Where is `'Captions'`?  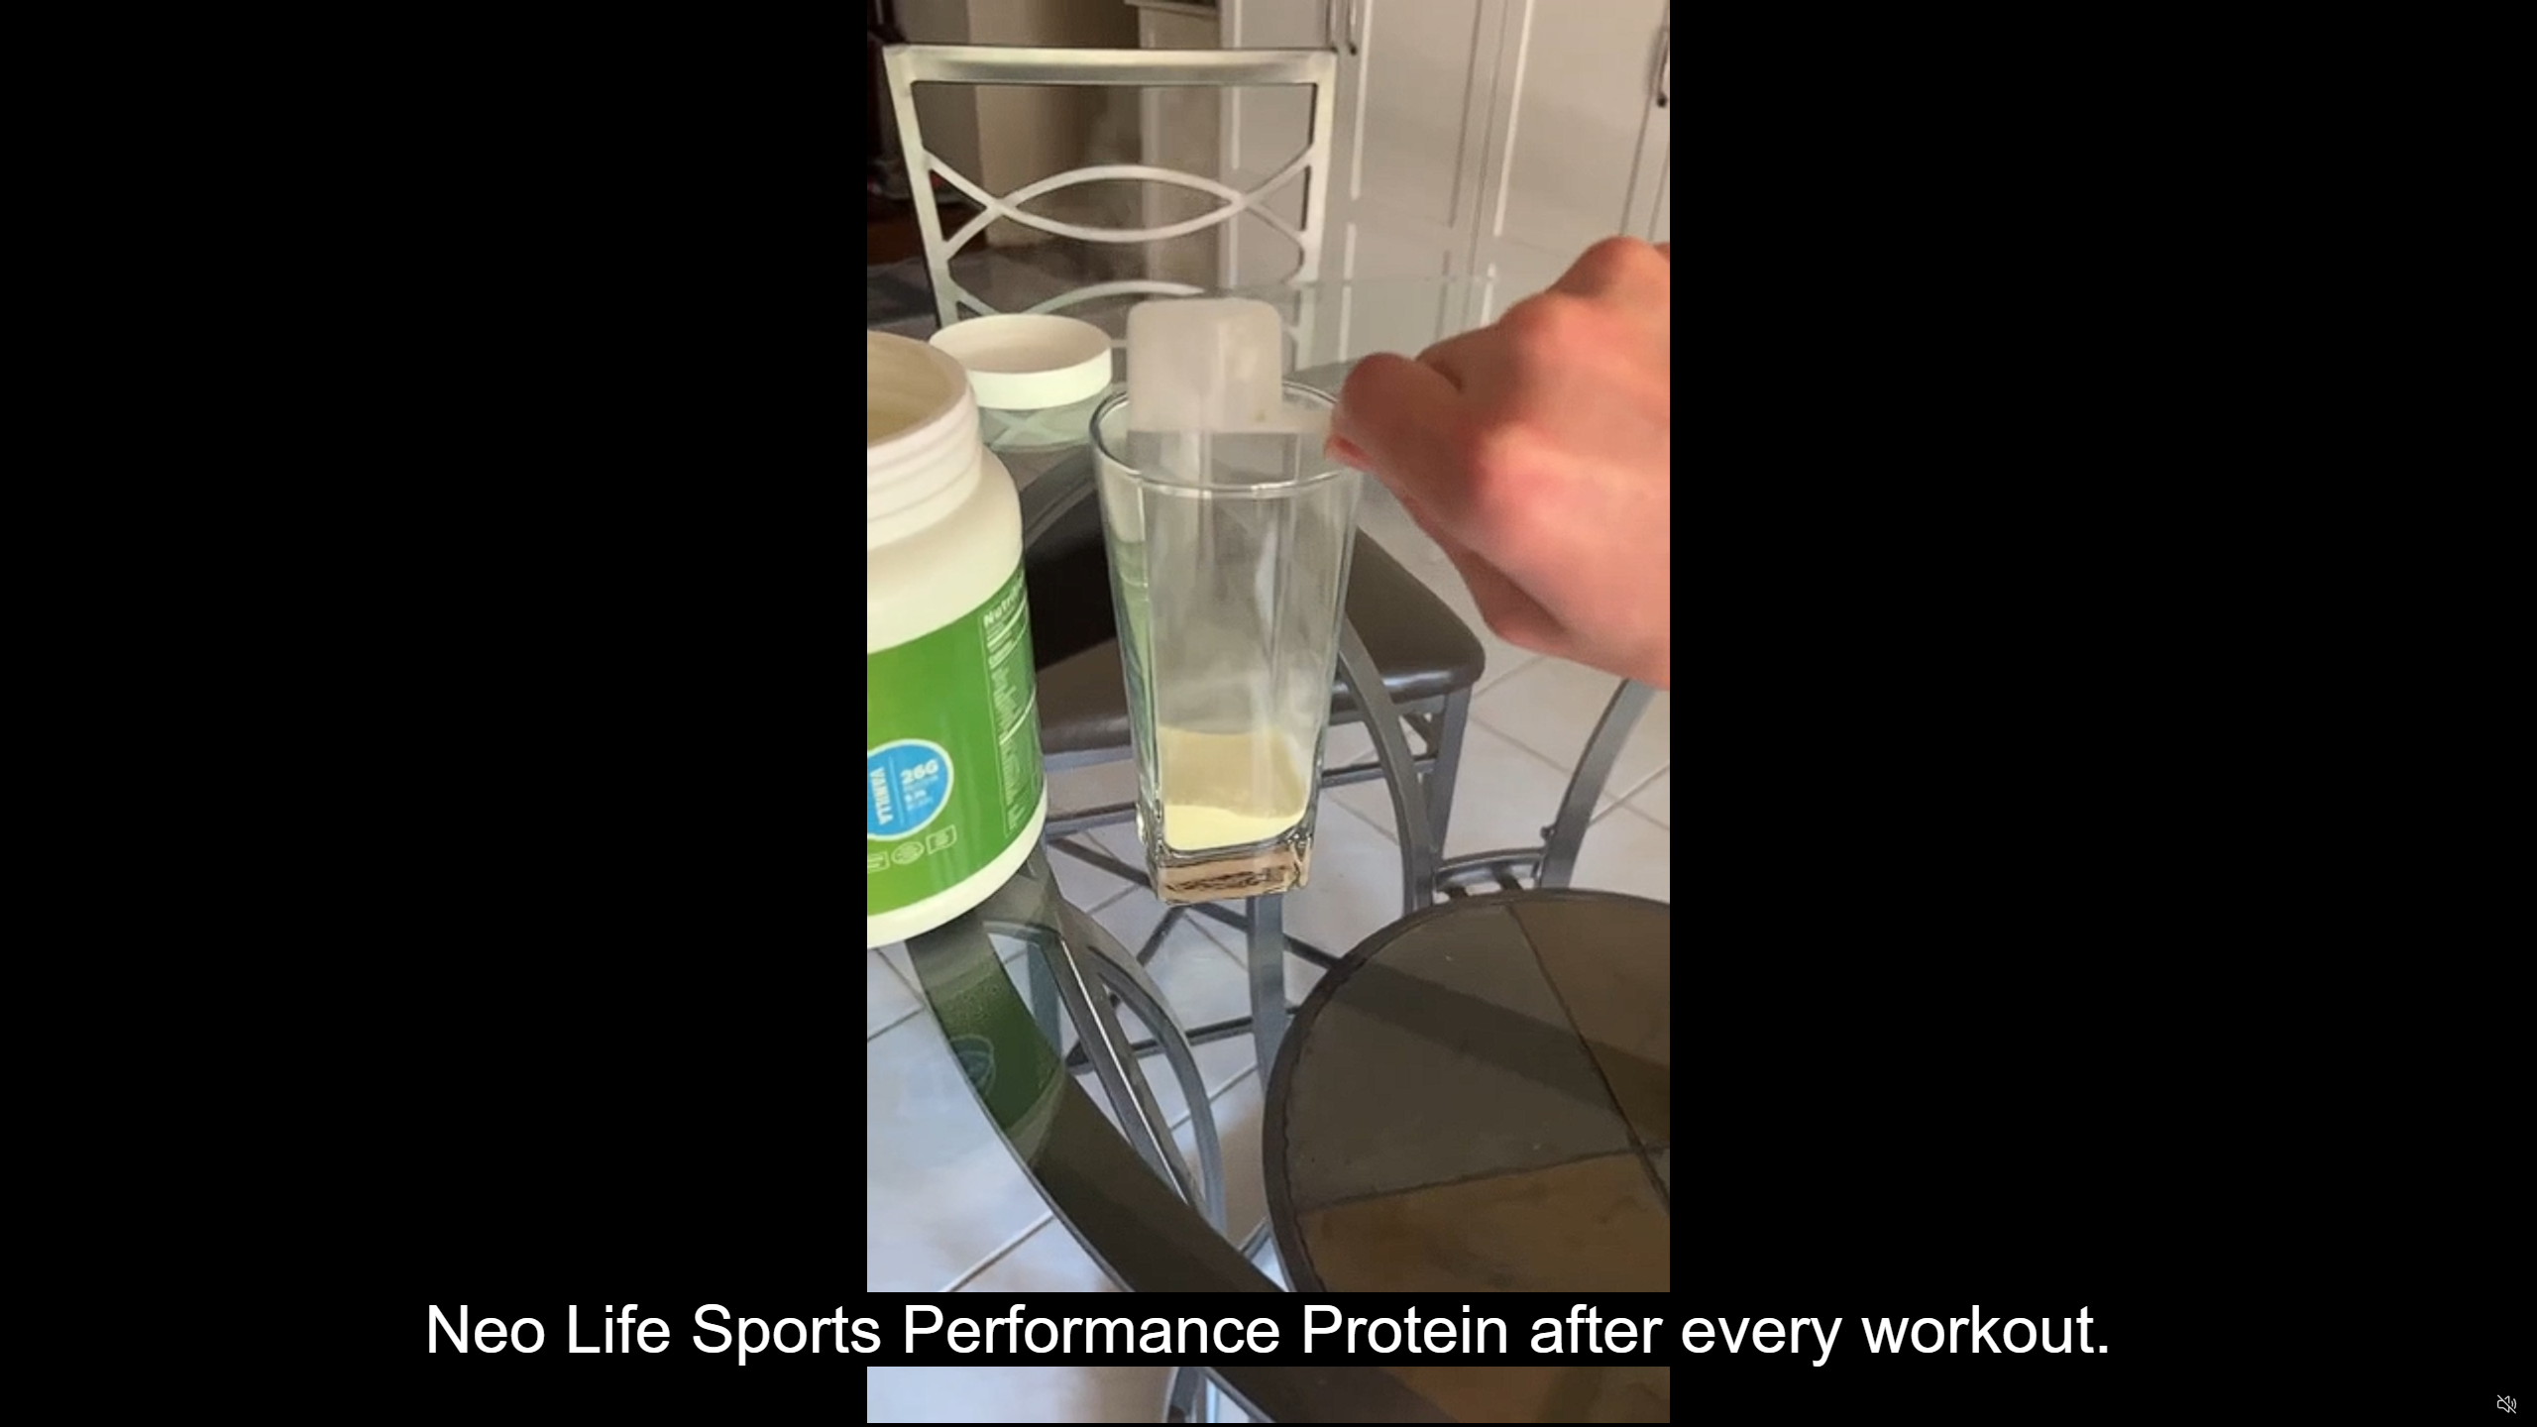 'Captions' is located at coordinates (2429, 1404).